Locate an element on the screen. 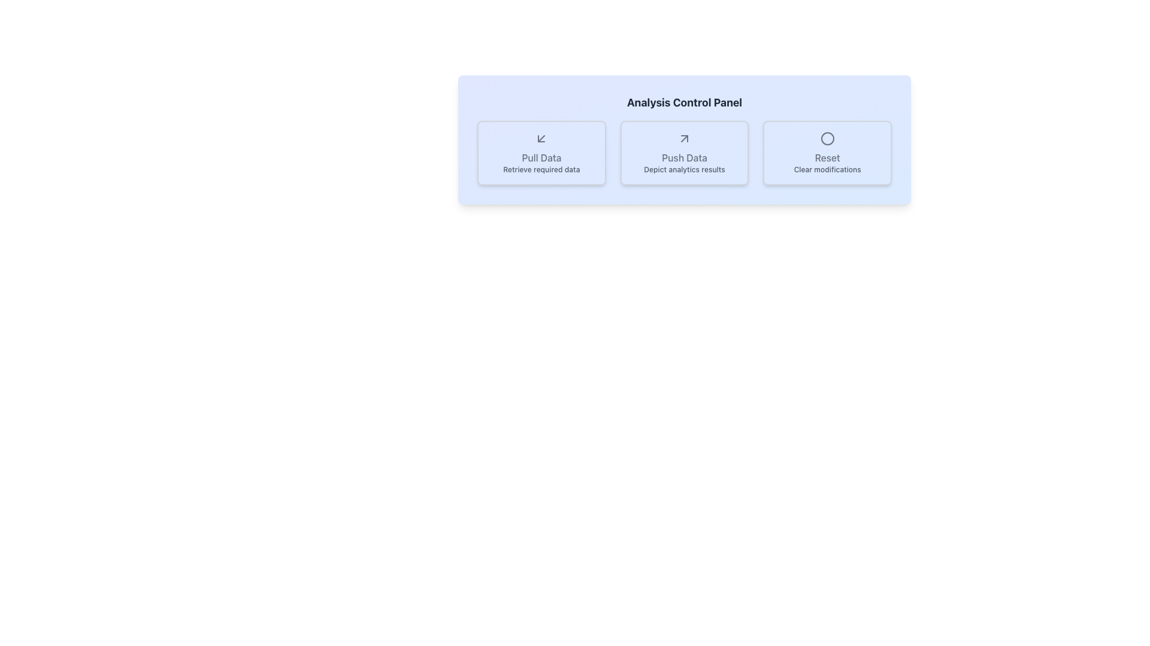  the central button in the 'Analysis Control Panel' is located at coordinates (684, 152).